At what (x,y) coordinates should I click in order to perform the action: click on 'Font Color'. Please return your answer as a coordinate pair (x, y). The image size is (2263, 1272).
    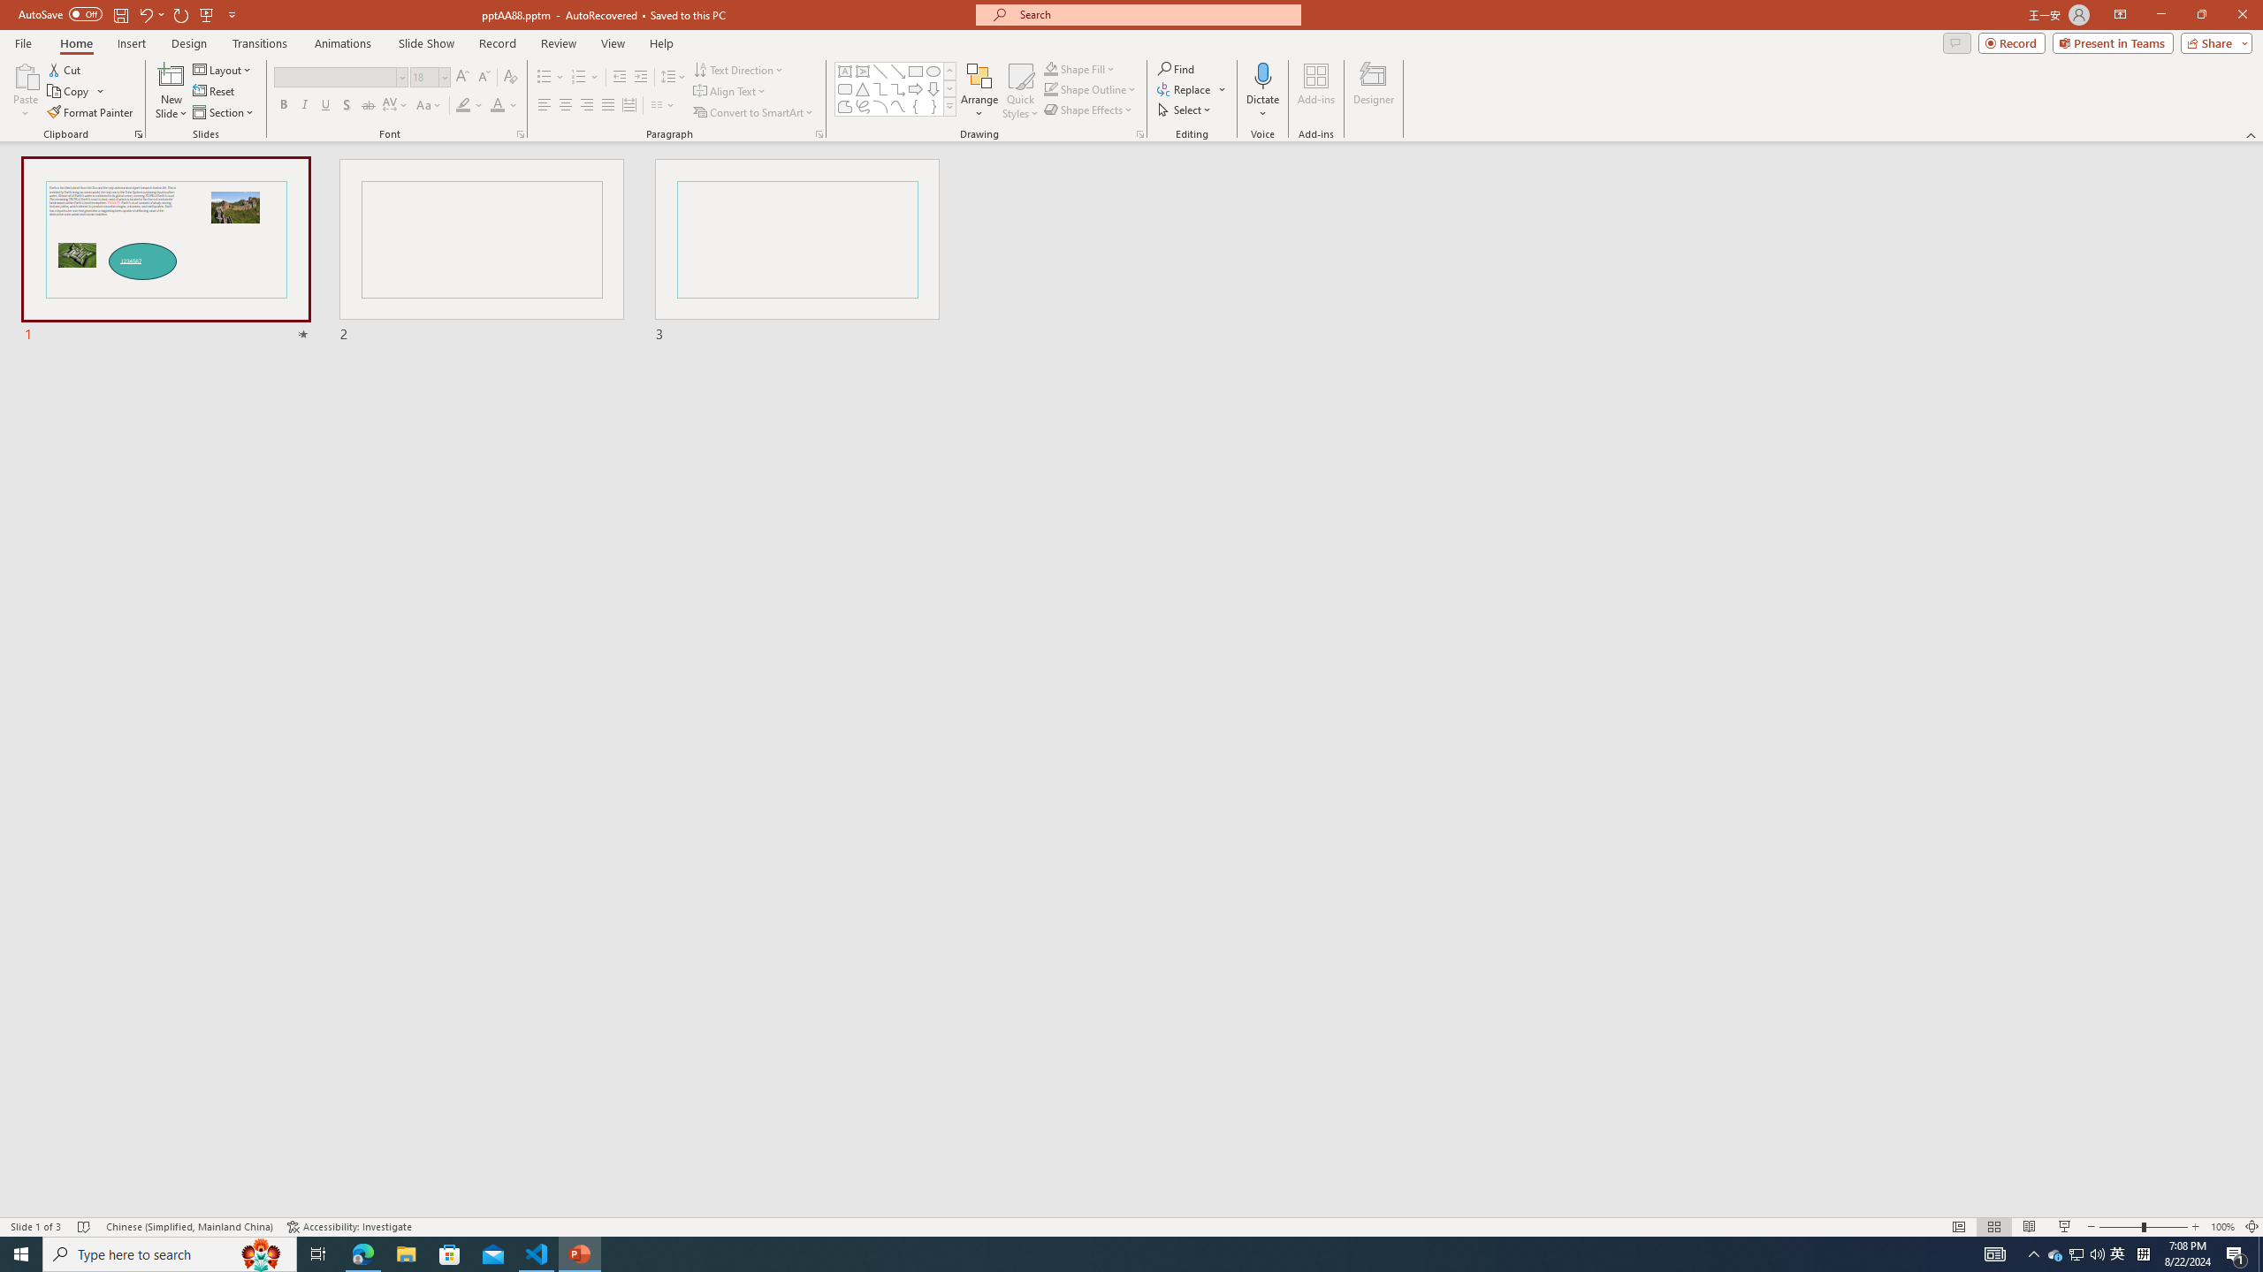
    Looking at the image, I should click on (504, 104).